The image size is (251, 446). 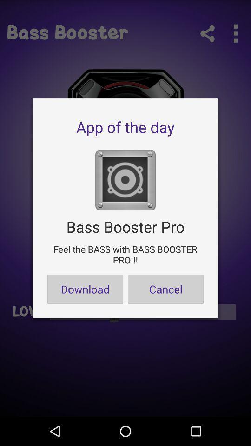 I want to click on the cancel button, so click(x=165, y=289).